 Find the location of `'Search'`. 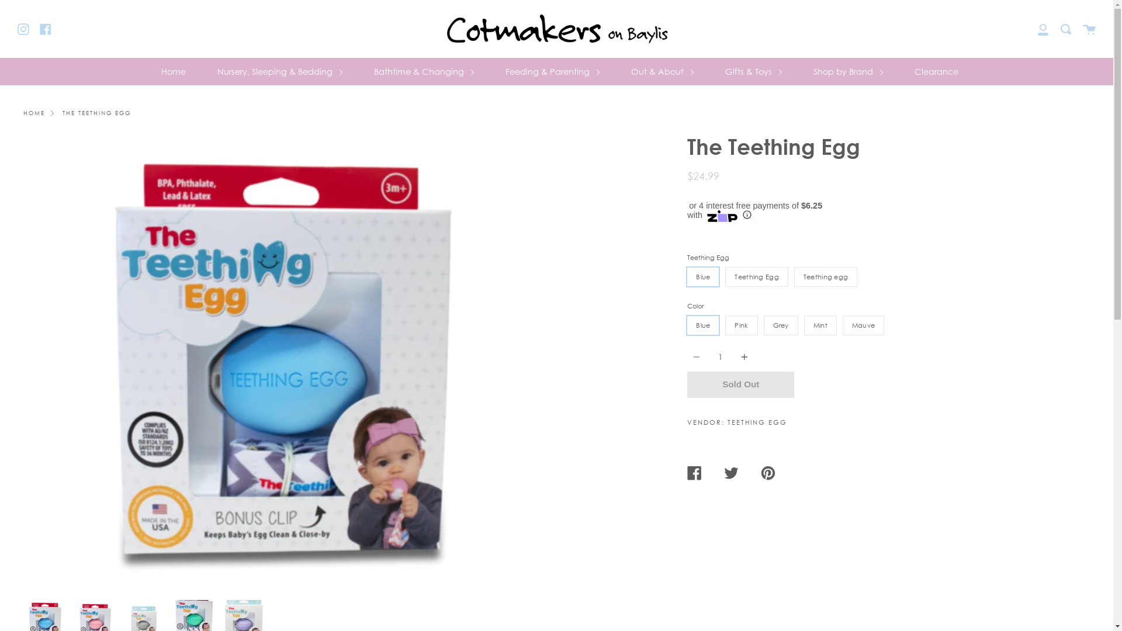

'Search' is located at coordinates (1066, 28).